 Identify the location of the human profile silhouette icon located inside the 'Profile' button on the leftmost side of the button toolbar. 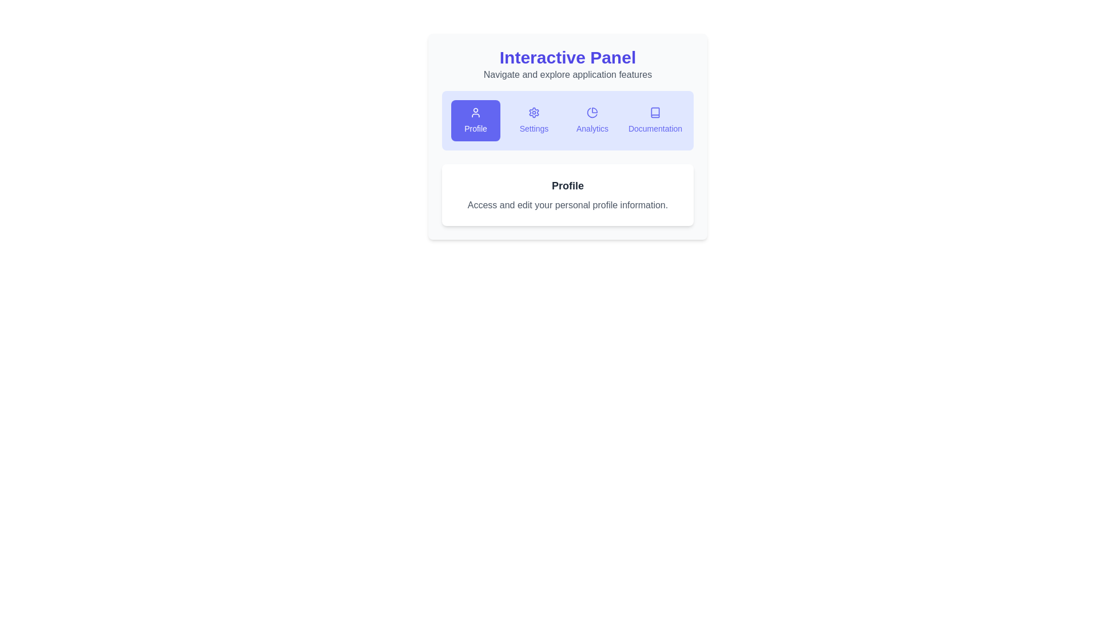
(475, 112).